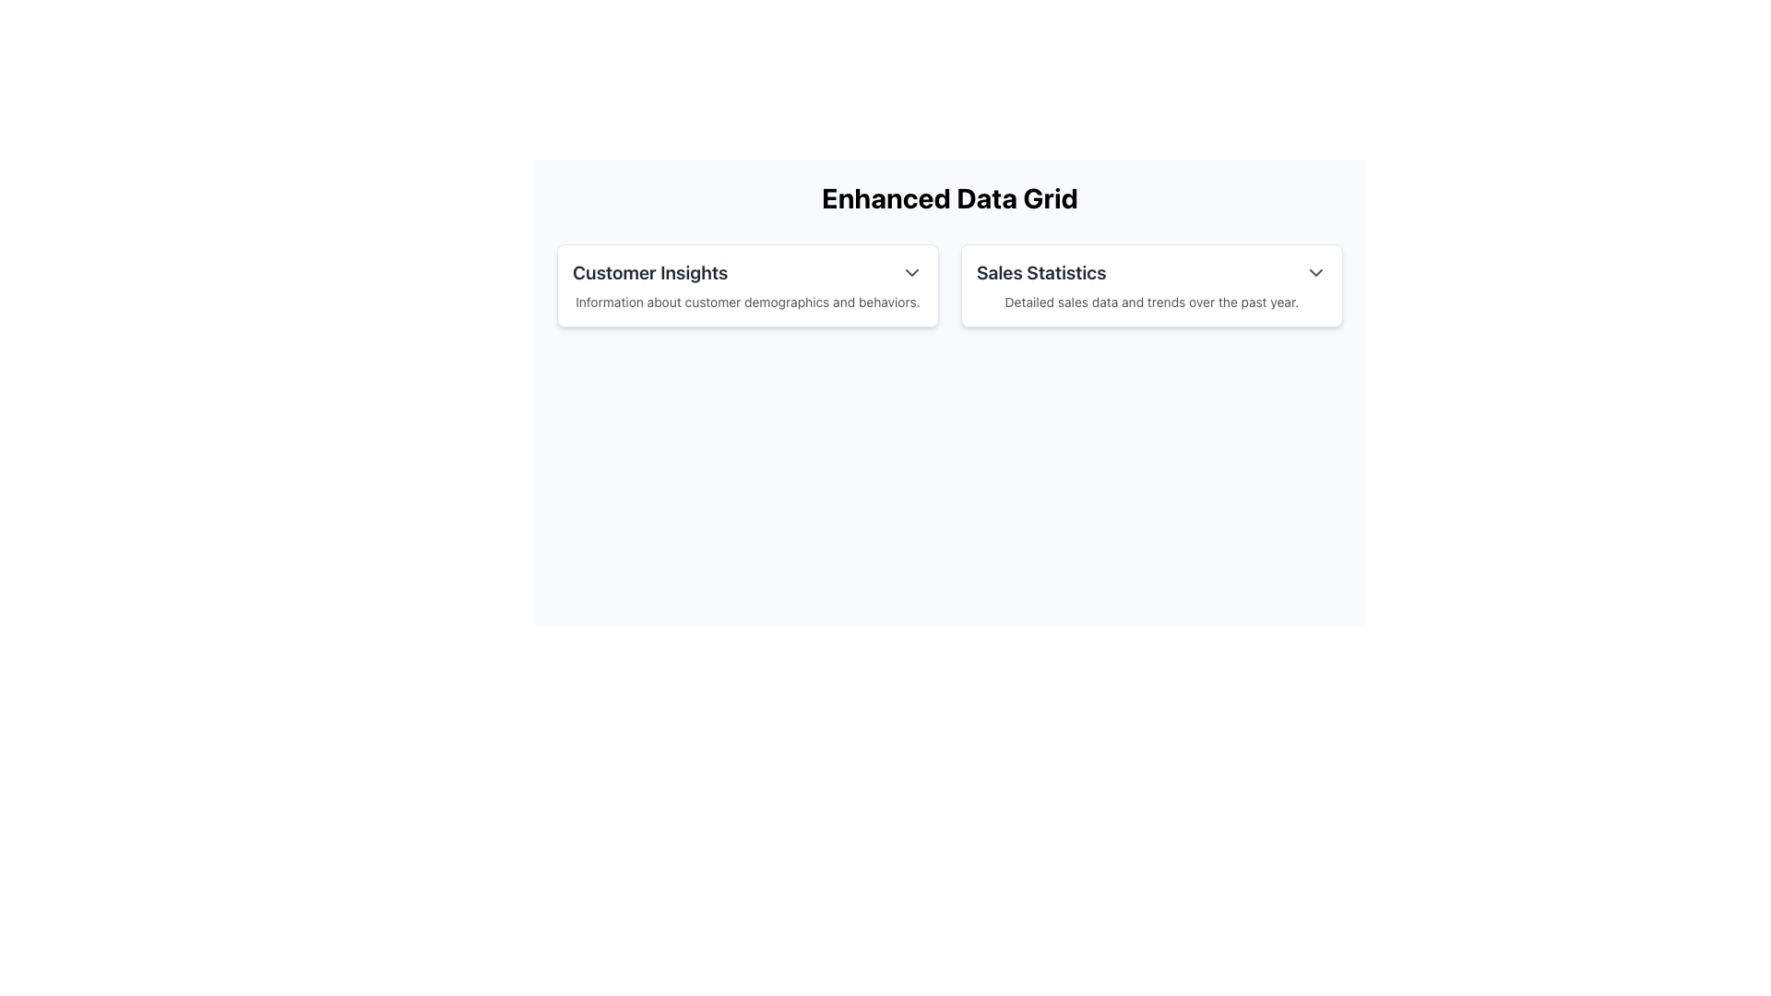 This screenshot has width=1771, height=996. Describe the element at coordinates (911, 273) in the screenshot. I see `the chevron icon located in the top right of the 'Customer Insights' card` at that location.